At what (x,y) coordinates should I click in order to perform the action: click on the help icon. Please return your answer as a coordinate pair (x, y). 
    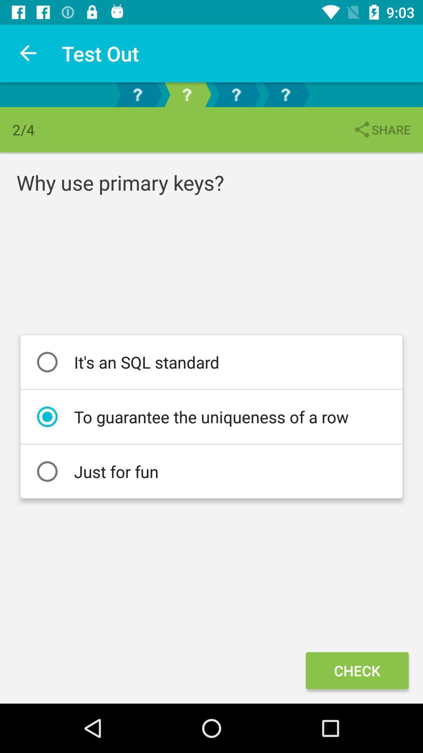
    Looking at the image, I should click on (187, 94).